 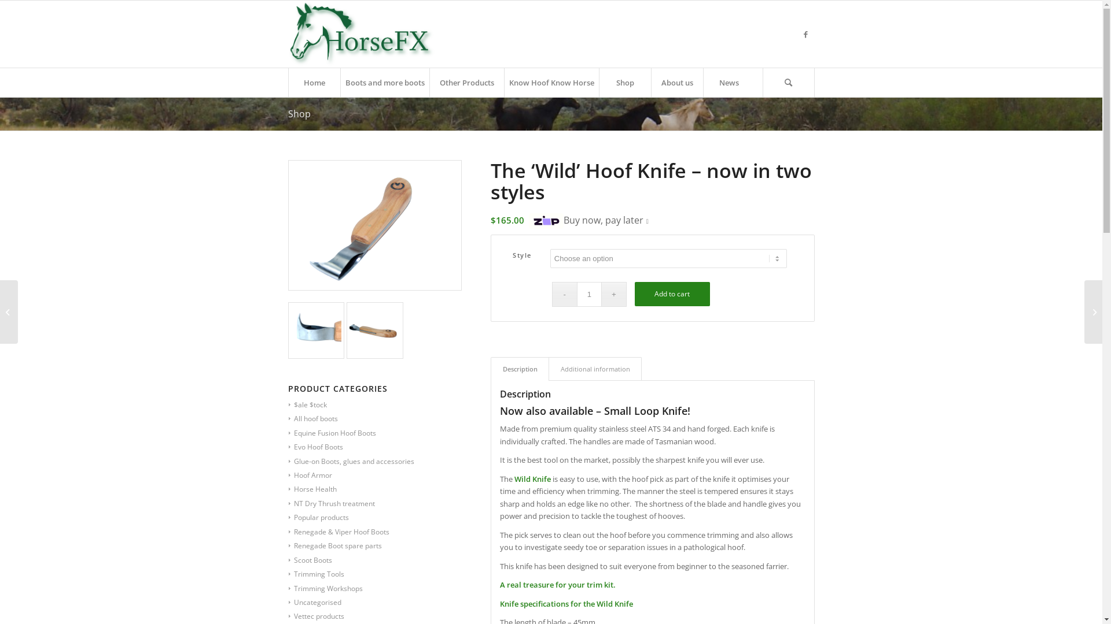 What do you see at coordinates (288, 433) in the screenshot?
I see `'Equine Fusion Hoof Boots'` at bounding box center [288, 433].